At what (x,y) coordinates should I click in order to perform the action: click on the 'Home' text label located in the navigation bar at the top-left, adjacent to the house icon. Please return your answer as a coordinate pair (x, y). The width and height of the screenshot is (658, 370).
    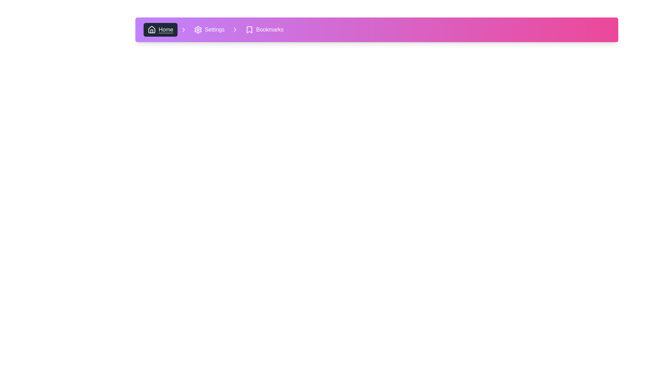
    Looking at the image, I should click on (166, 29).